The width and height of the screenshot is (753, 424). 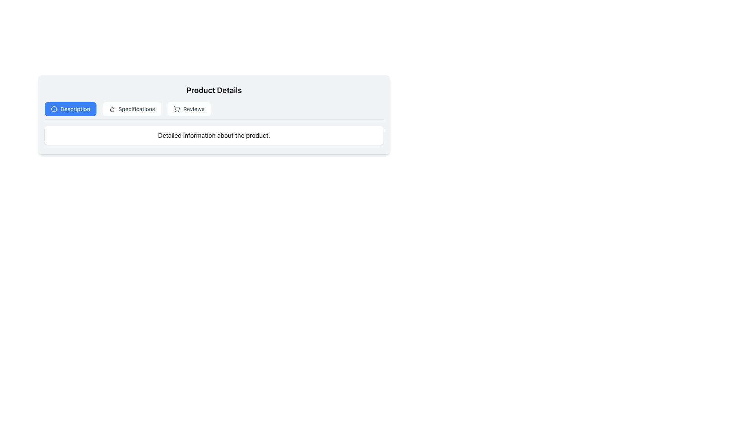 What do you see at coordinates (189, 109) in the screenshot?
I see `the third tab button located beneath the 'Product Details' title` at bounding box center [189, 109].